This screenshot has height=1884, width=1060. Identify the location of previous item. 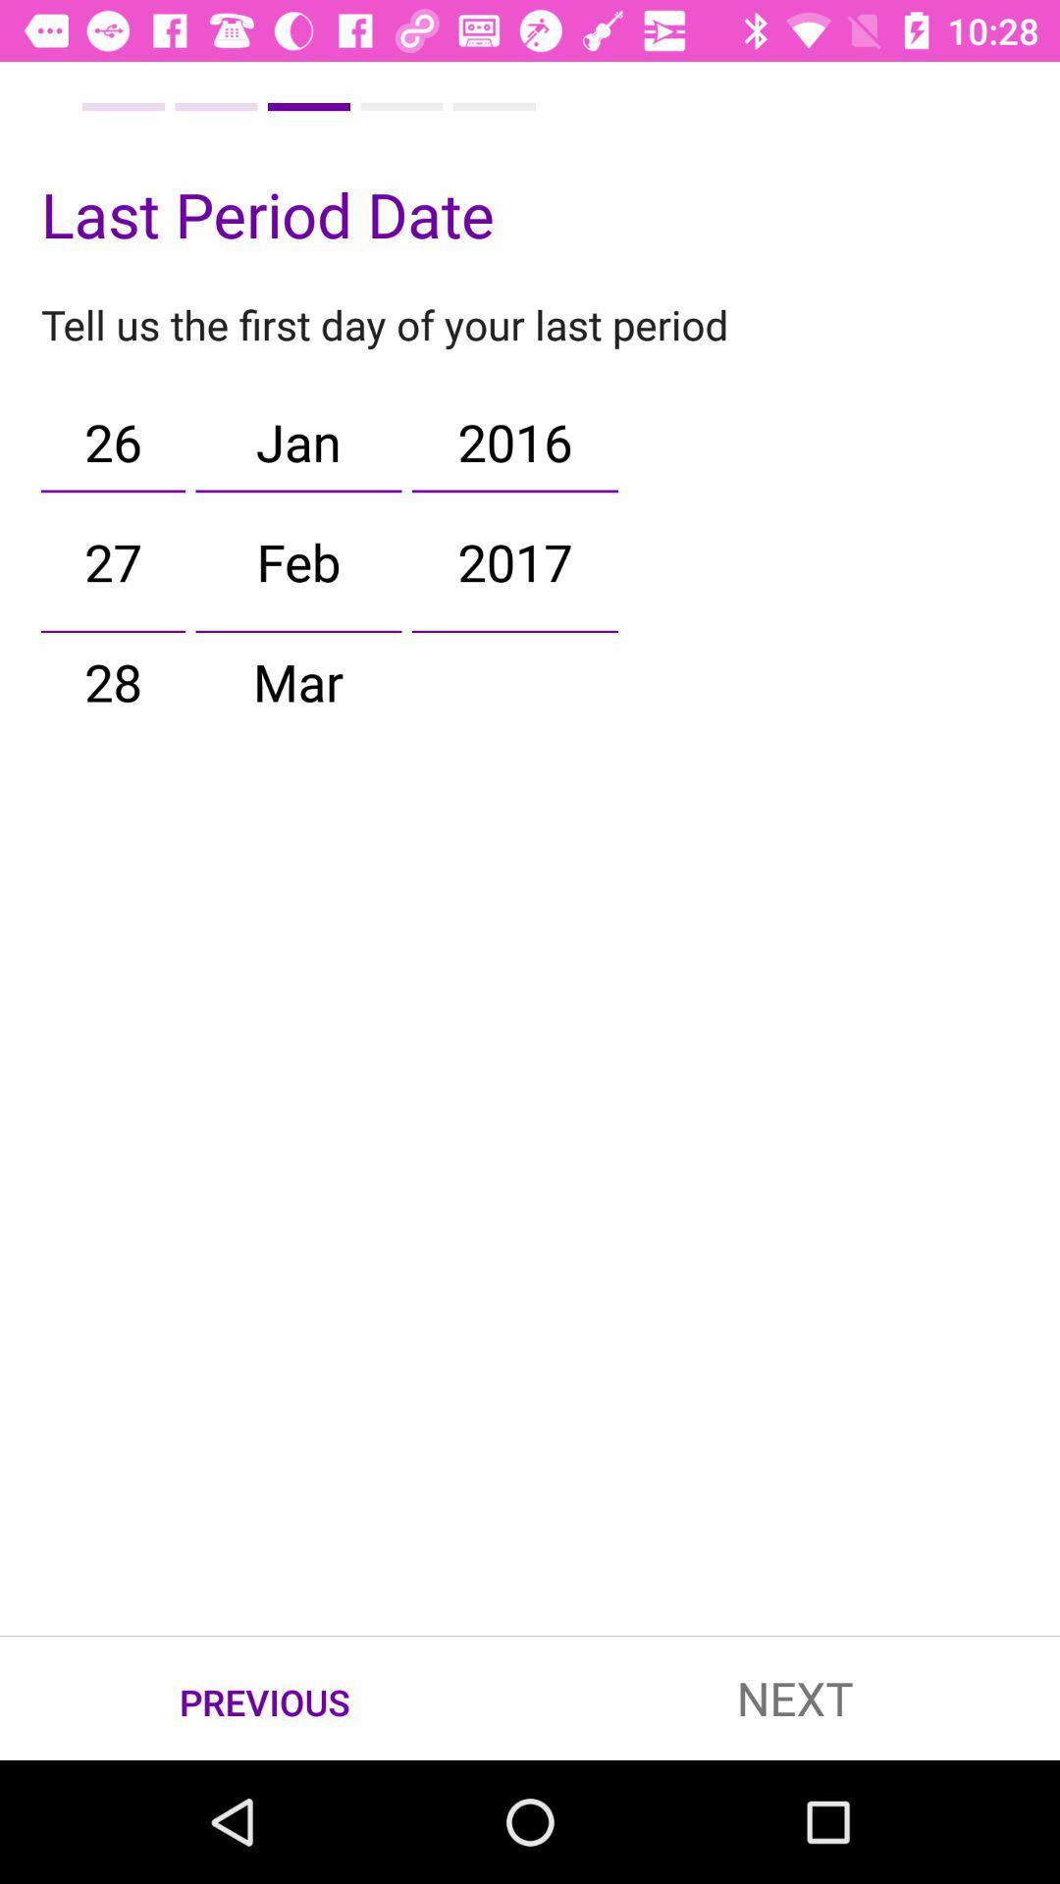
(265, 1699).